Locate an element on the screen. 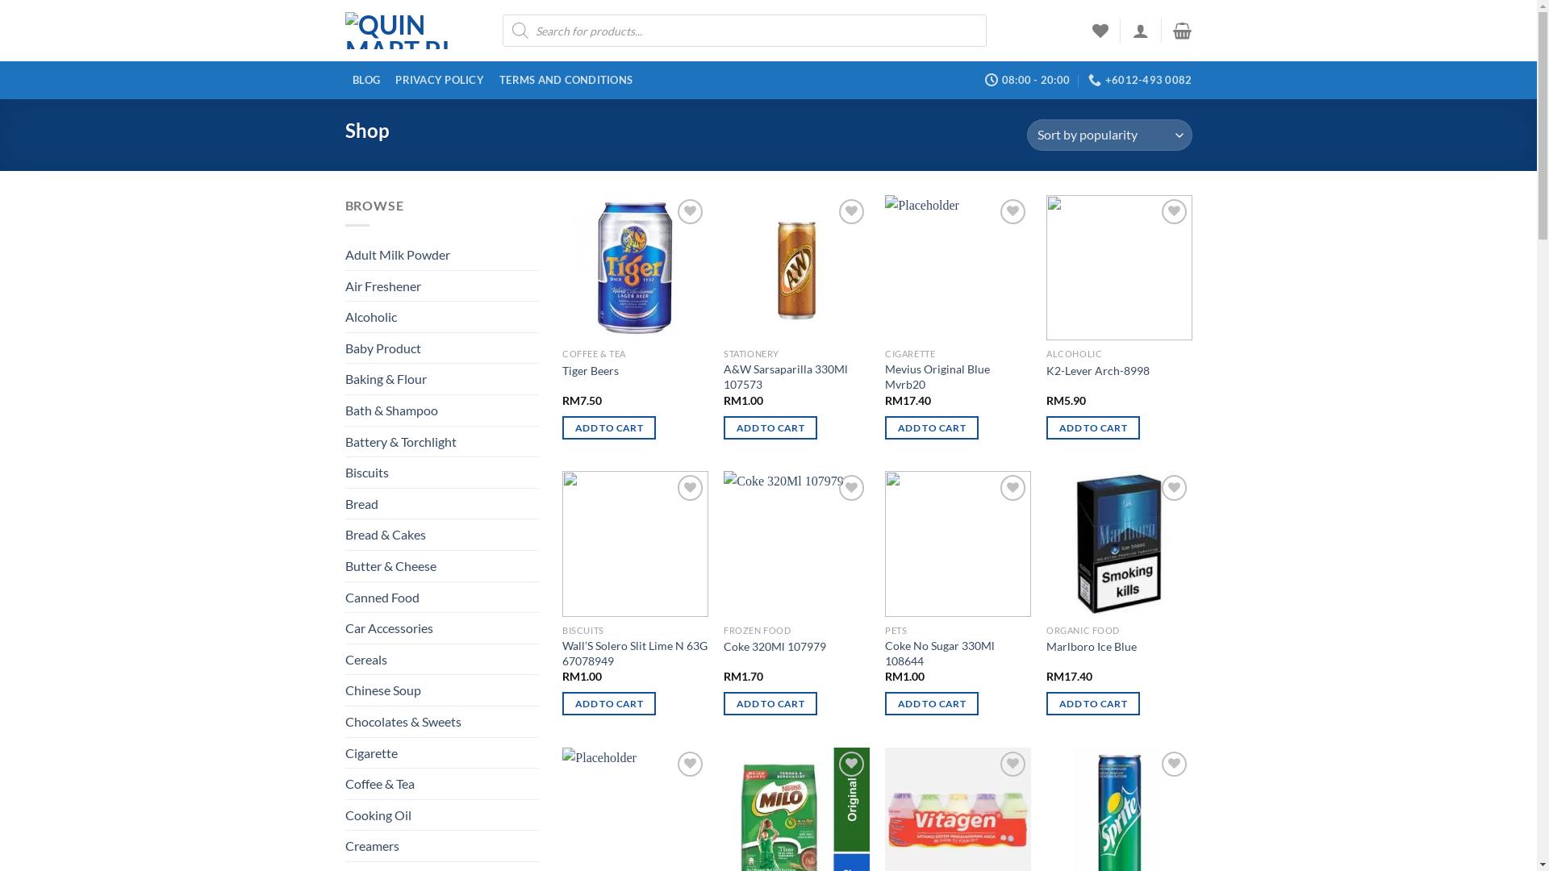  'Baking & Flour' is located at coordinates (441, 379).